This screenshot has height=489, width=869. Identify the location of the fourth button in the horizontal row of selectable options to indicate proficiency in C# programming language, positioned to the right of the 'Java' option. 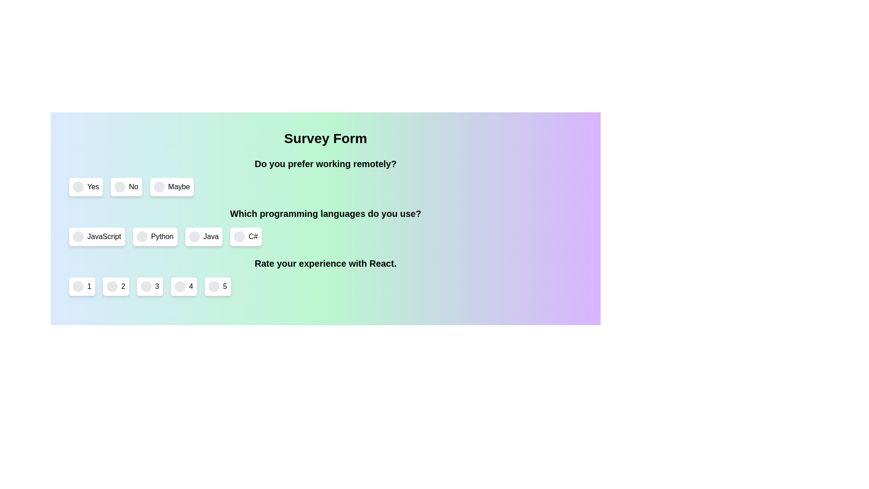
(246, 236).